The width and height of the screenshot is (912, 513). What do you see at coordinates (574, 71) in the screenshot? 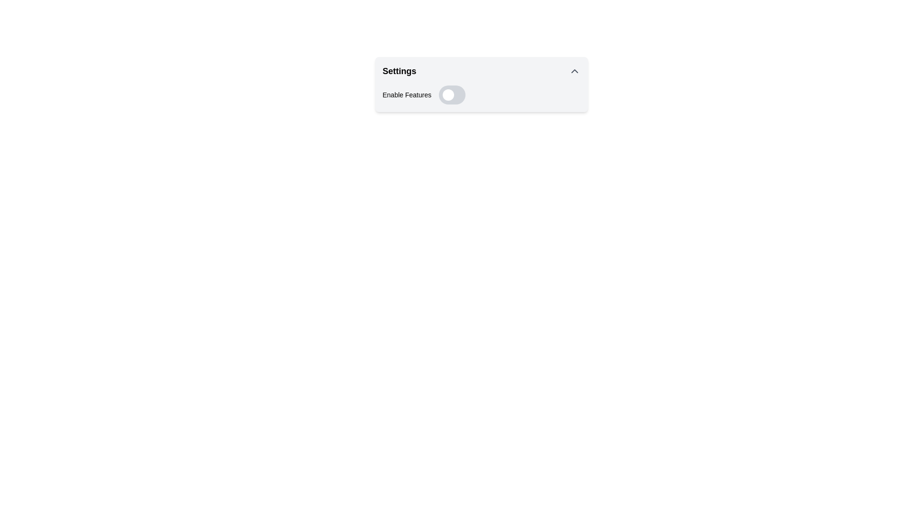
I see `the chevron-up icon located on the right side of the 'Settings' label` at bounding box center [574, 71].